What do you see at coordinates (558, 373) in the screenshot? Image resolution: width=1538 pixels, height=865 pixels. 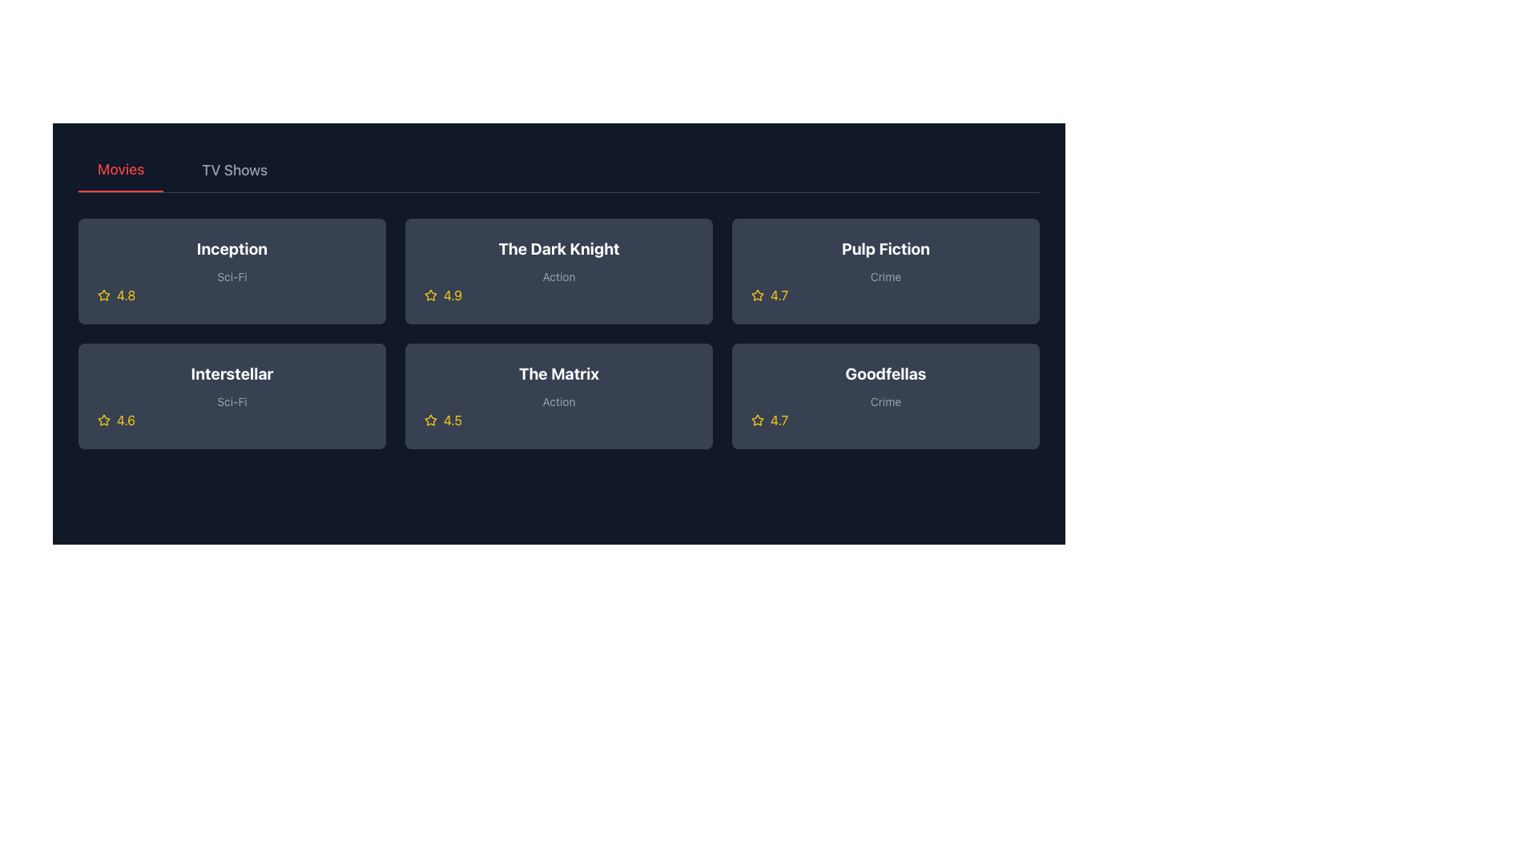 I see `the title label indicating the name of a movie, located in the second row, third column of the grid layout and above the text 'Action'` at bounding box center [558, 373].